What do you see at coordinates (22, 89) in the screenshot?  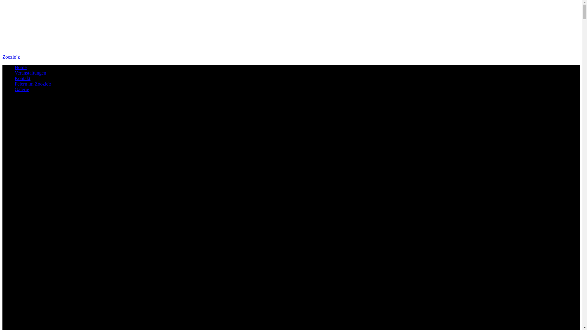 I see `'Galerie'` at bounding box center [22, 89].